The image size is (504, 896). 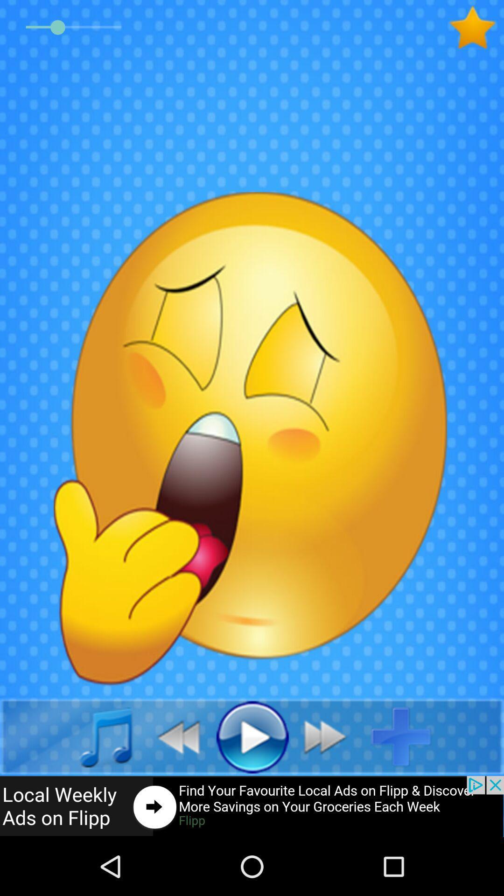 I want to click on advertisement, so click(x=252, y=806).